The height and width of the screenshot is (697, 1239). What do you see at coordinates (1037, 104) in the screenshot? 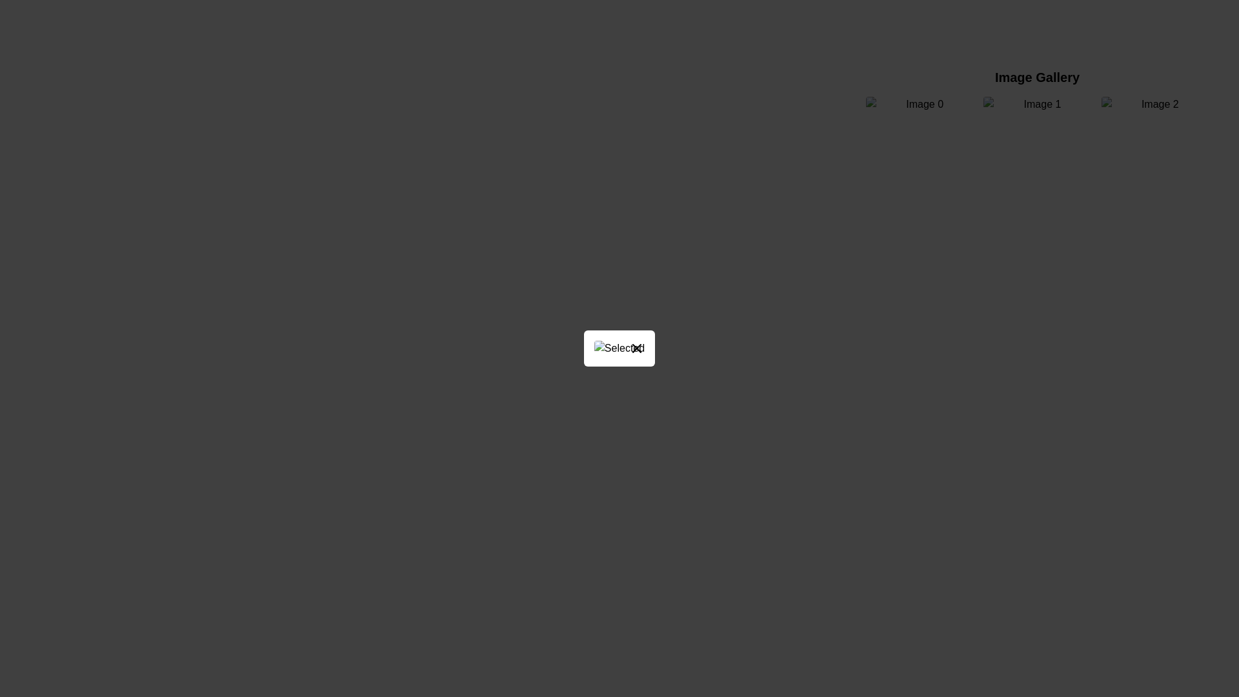
I see `the image displayed in the second position of the grid layout within the 'Image Gallery' section` at bounding box center [1037, 104].